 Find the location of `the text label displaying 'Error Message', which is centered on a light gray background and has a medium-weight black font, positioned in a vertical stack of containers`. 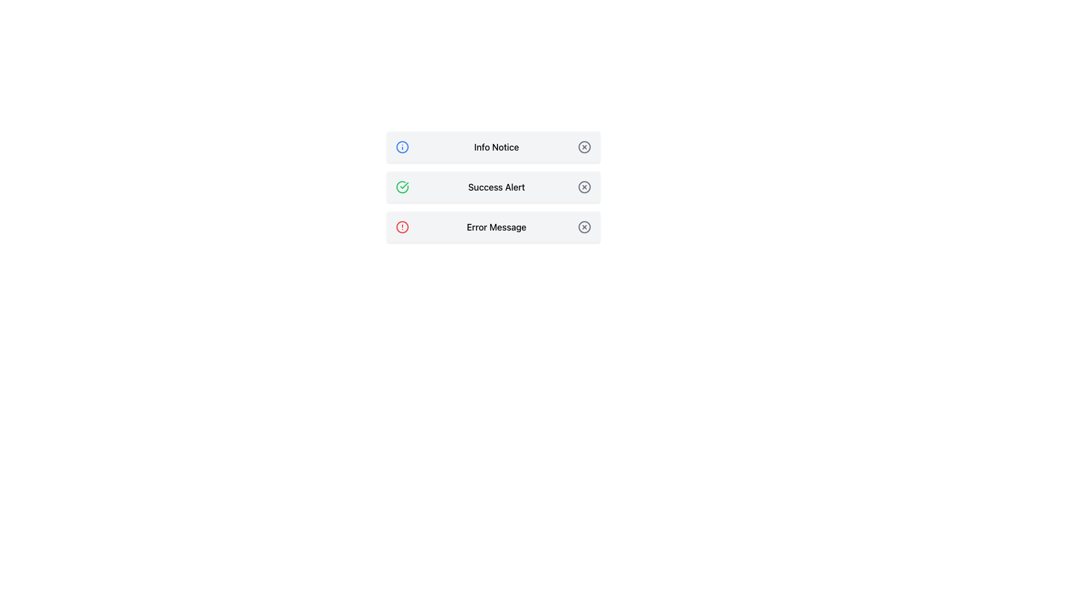

the text label displaying 'Error Message', which is centered on a light gray background and has a medium-weight black font, positioned in a vertical stack of containers is located at coordinates (496, 226).